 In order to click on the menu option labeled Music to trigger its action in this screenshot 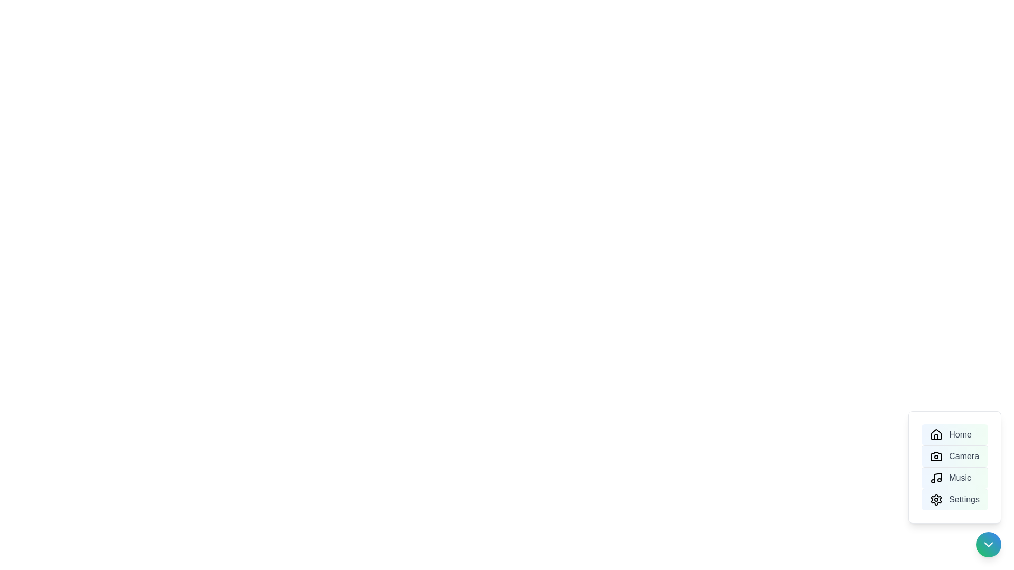, I will do `click(955, 478)`.